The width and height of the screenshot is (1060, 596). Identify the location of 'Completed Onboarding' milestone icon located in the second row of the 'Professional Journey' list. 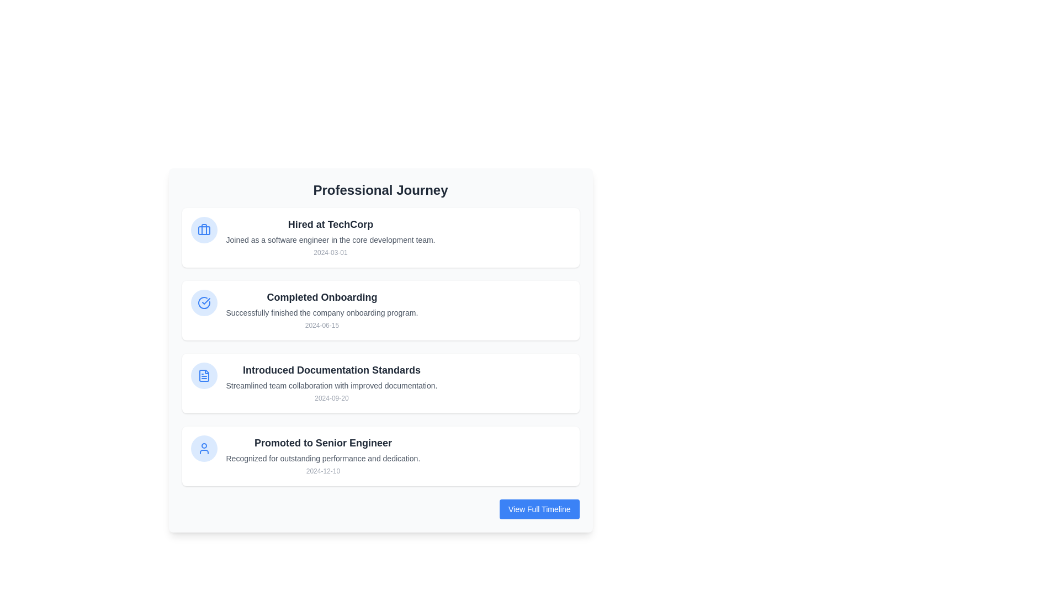
(204, 302).